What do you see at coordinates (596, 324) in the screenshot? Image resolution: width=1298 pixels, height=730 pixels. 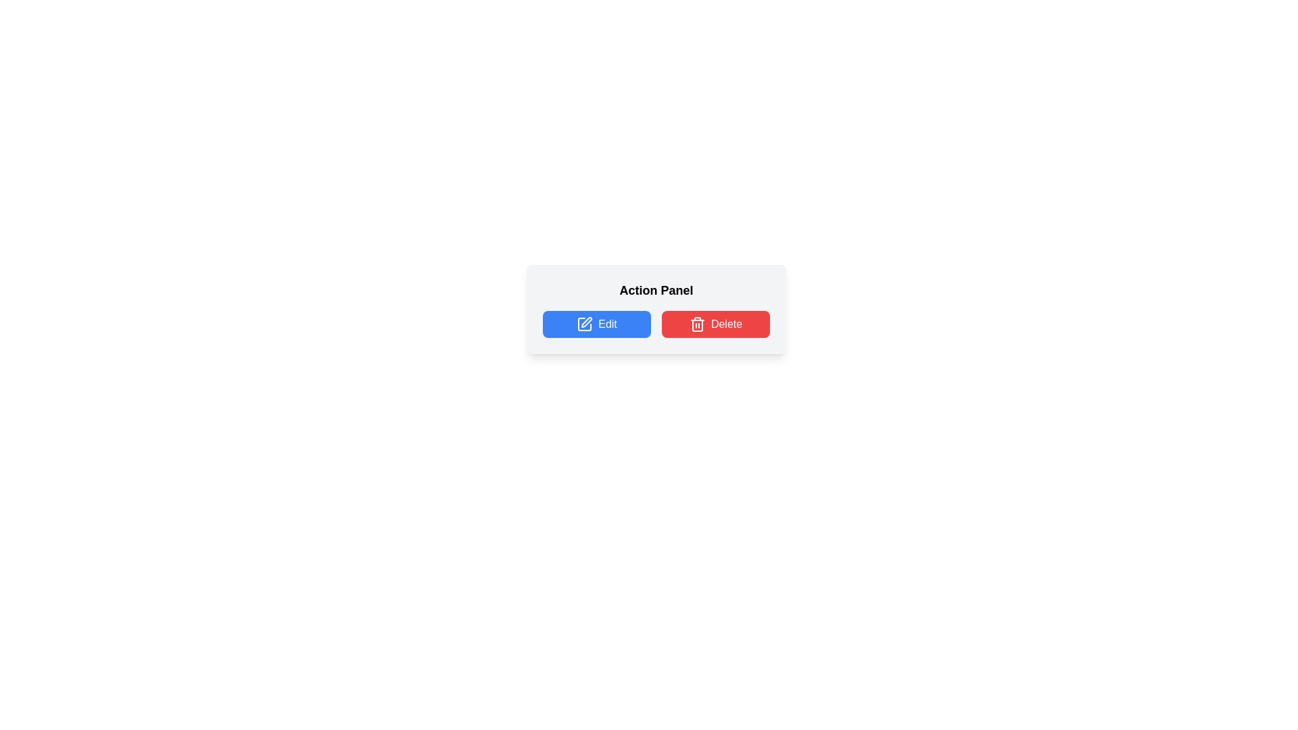 I see `keyboard navigation` at bounding box center [596, 324].